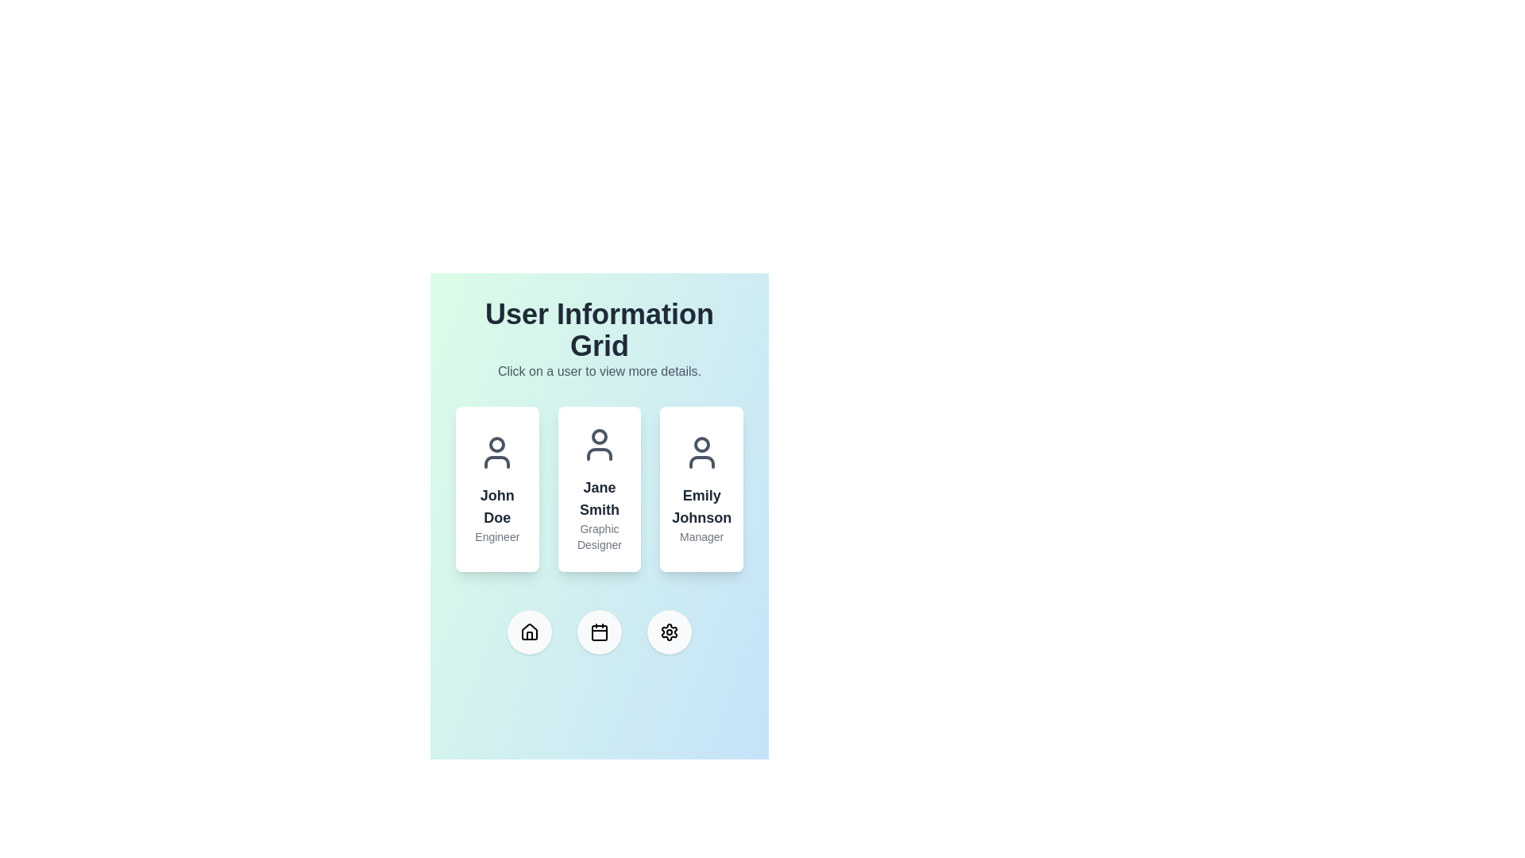 This screenshot has height=858, width=1525. What do you see at coordinates (701, 453) in the screenshot?
I see `the user profile icon representing Emily Johnson, Manager, which is styled with a circular head and semi-circular body outline and is located at the top center of her profile card` at bounding box center [701, 453].